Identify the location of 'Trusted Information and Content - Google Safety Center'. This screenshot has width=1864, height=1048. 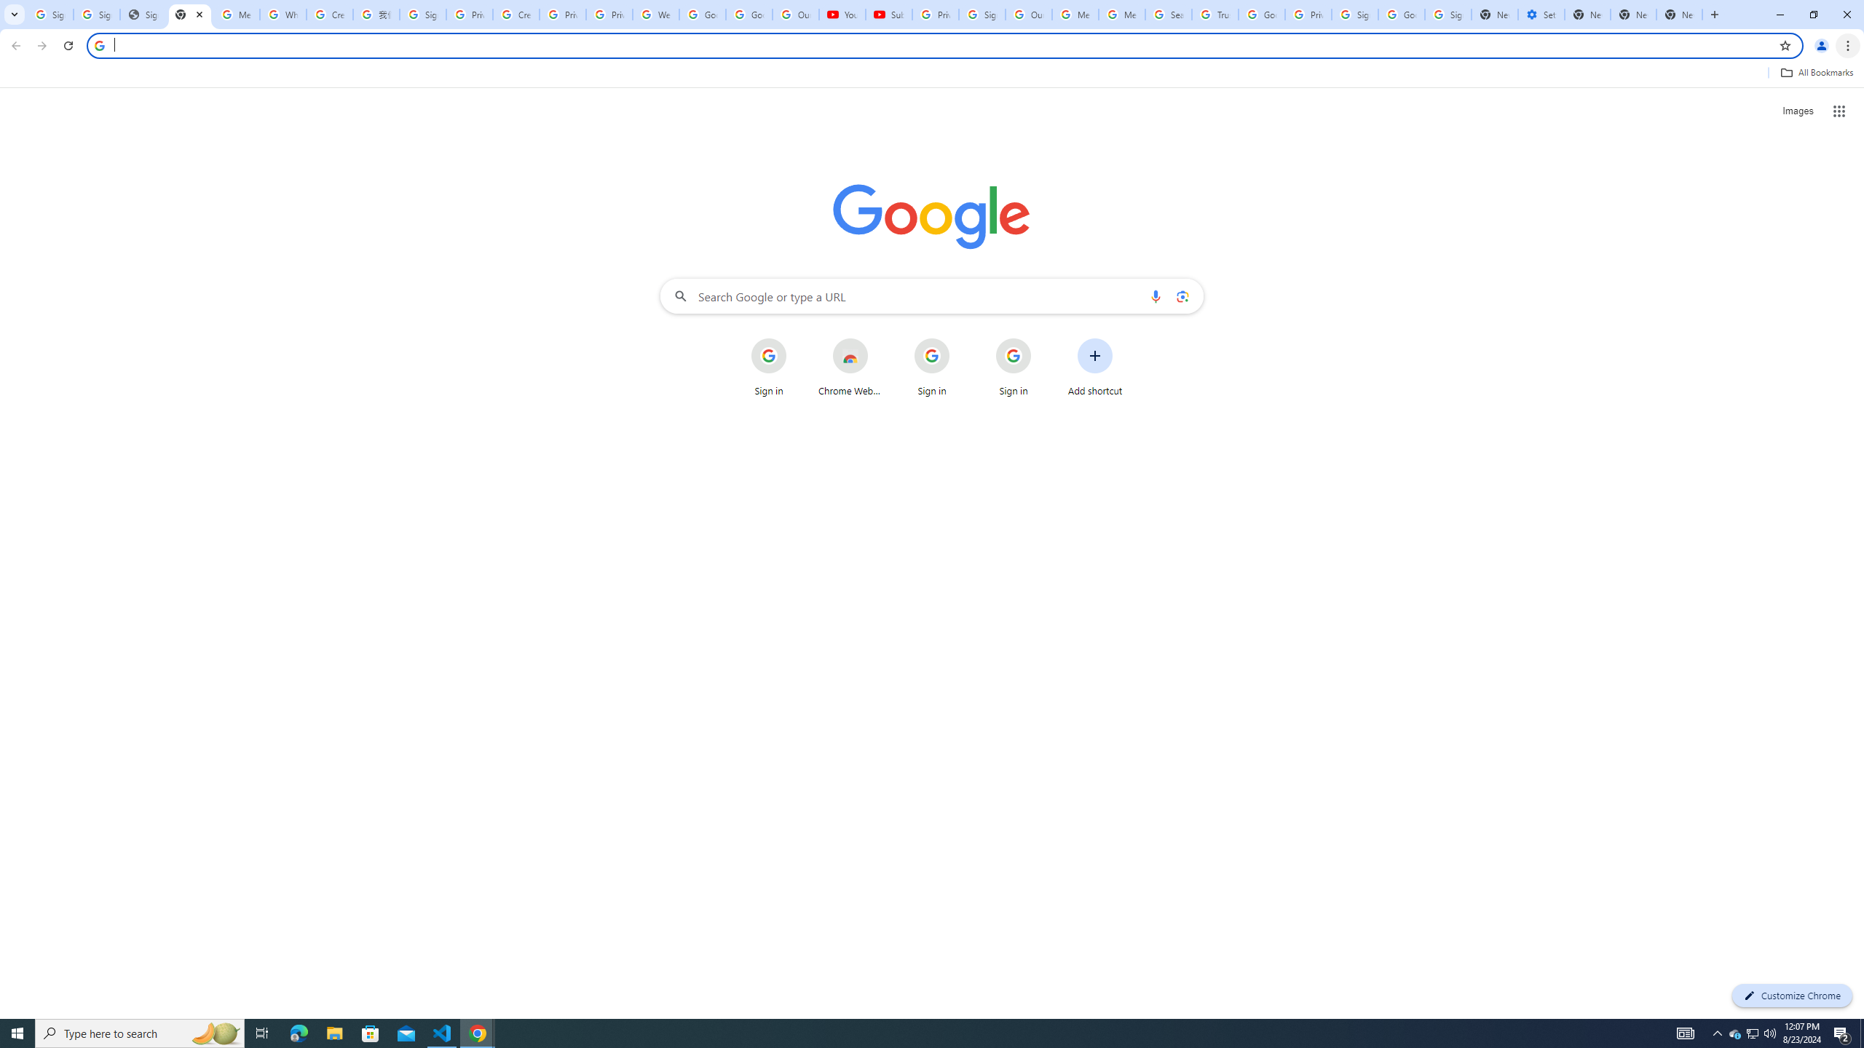
(1215, 14).